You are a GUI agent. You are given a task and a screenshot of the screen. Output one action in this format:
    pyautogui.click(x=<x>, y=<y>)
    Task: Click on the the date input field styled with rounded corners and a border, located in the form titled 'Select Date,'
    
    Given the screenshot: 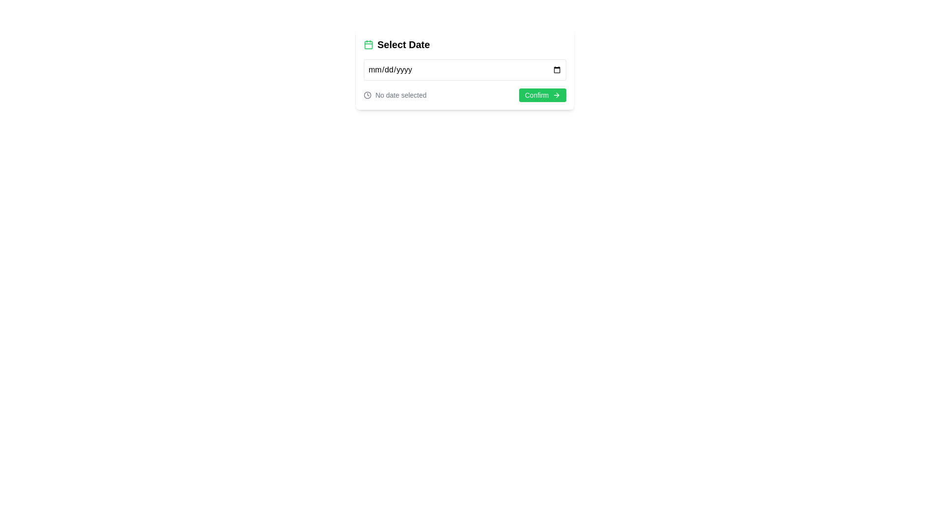 What is the action you would take?
    pyautogui.click(x=465, y=69)
    